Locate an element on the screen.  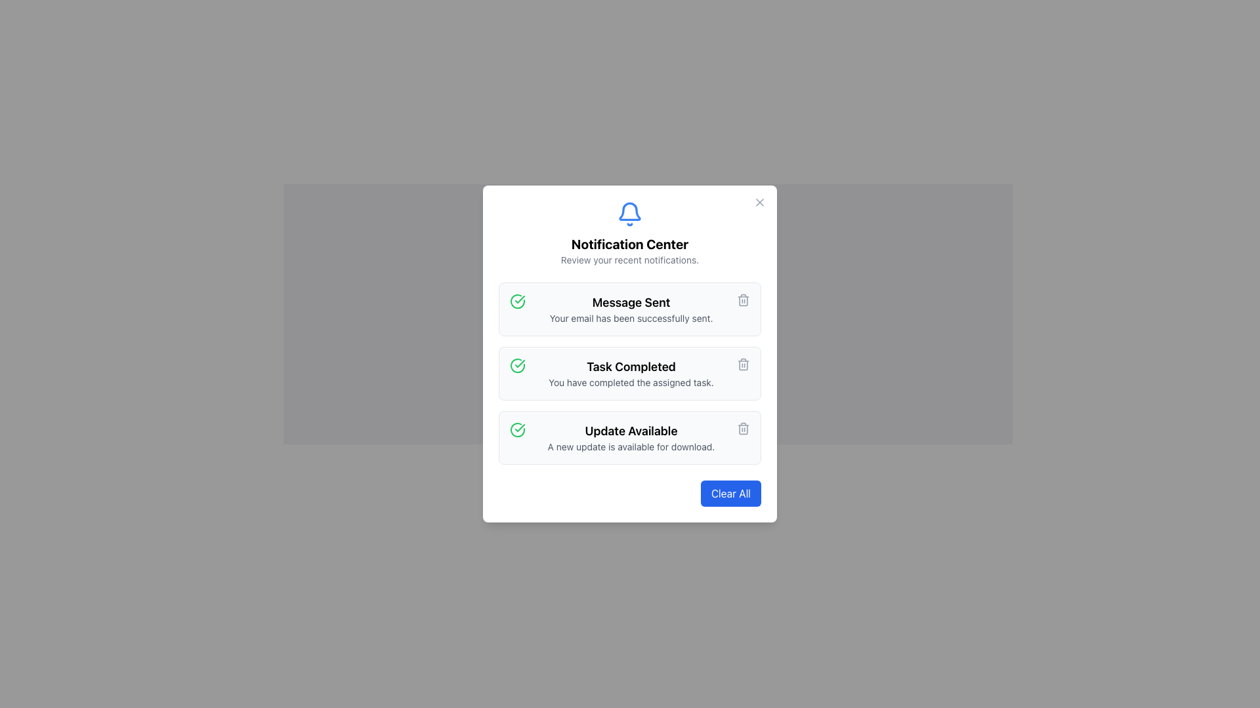
the clear notifications button located at the bottom-right corner of the 'Notification Center' modal is located at coordinates (730, 493).